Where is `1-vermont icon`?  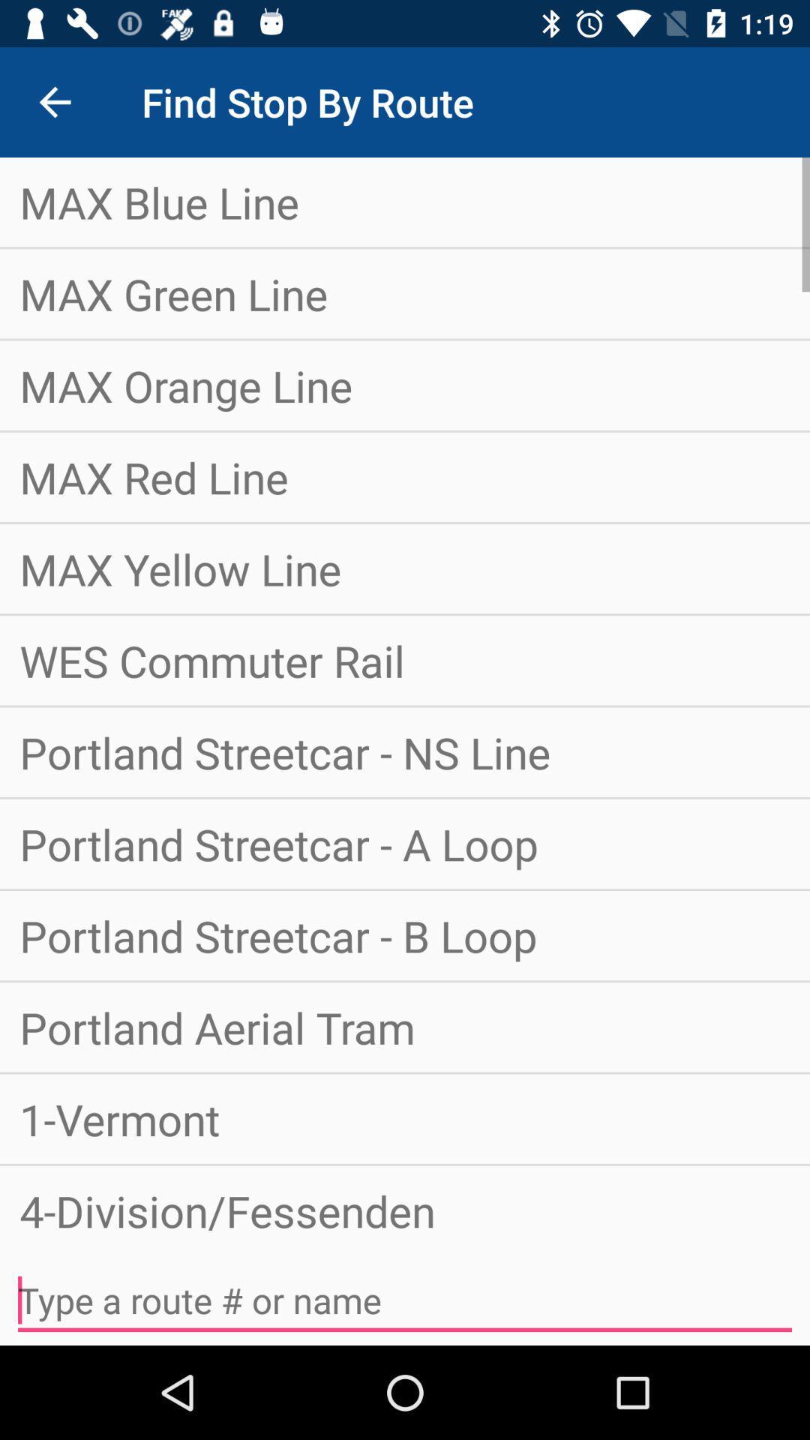 1-vermont icon is located at coordinates (405, 1119).